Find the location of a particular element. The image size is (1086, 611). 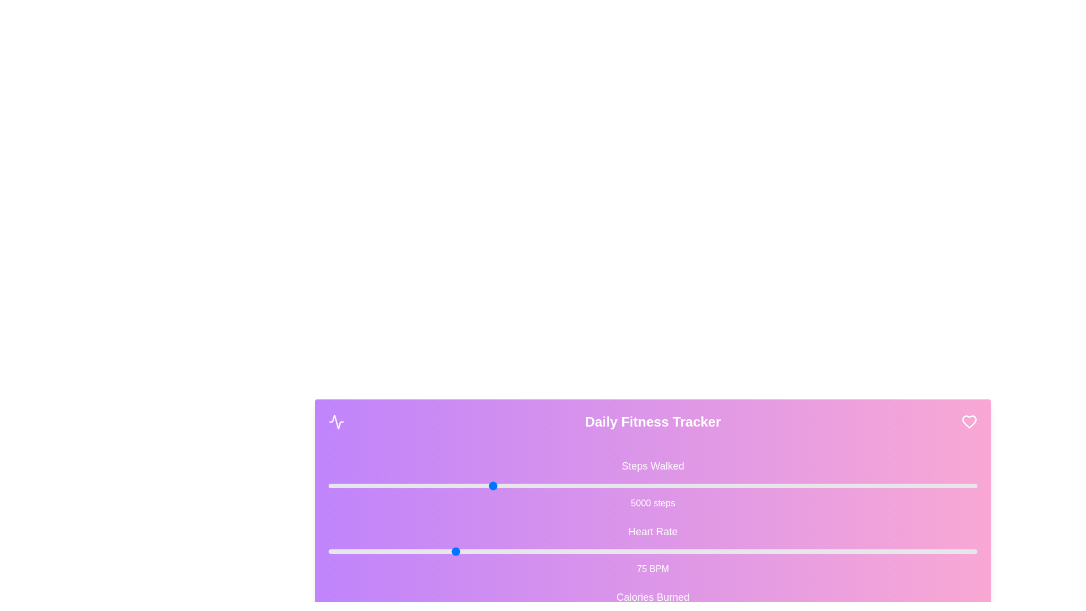

the 'Steps Walked' slider to set its value to 3966 is located at coordinates (457, 485).